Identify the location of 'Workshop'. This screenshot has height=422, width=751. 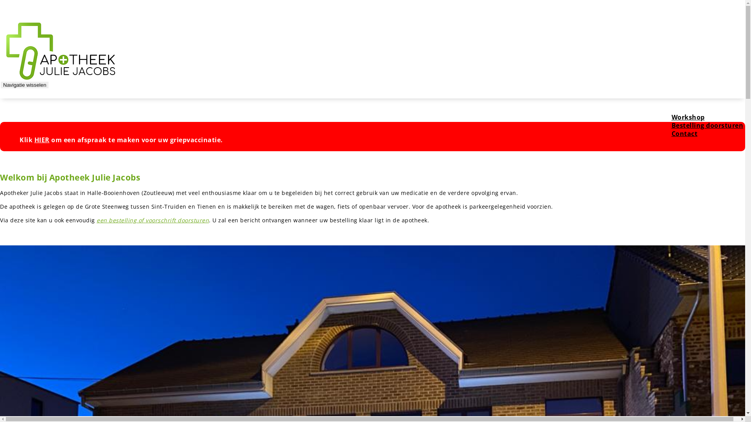
(663, 117).